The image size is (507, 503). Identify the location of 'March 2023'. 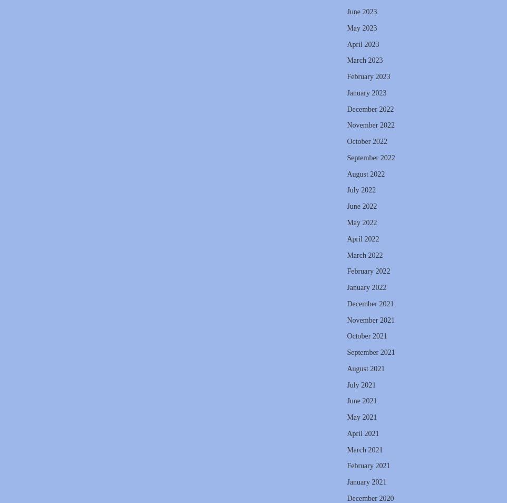
(347, 60).